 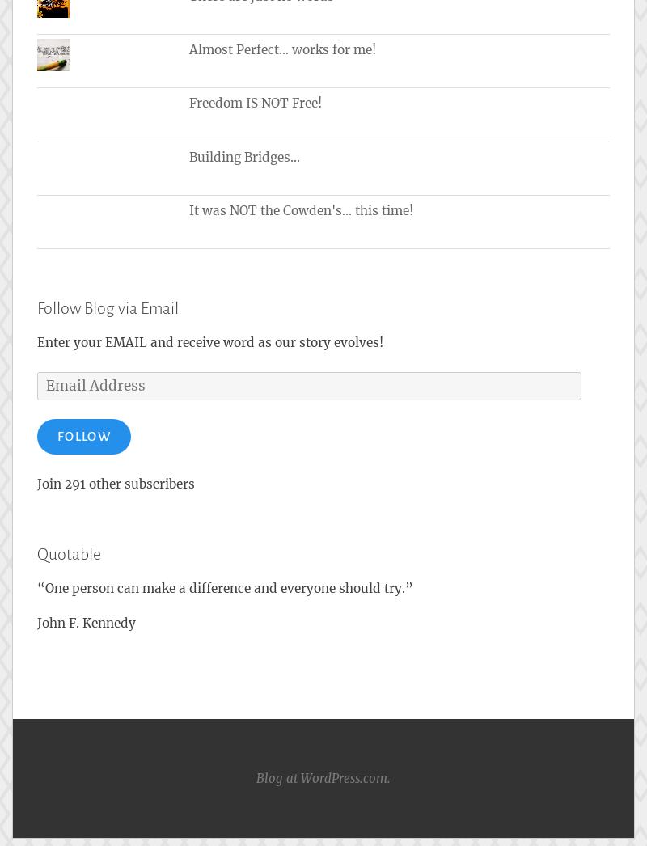 I want to click on 'Quotable', so click(x=69, y=554).